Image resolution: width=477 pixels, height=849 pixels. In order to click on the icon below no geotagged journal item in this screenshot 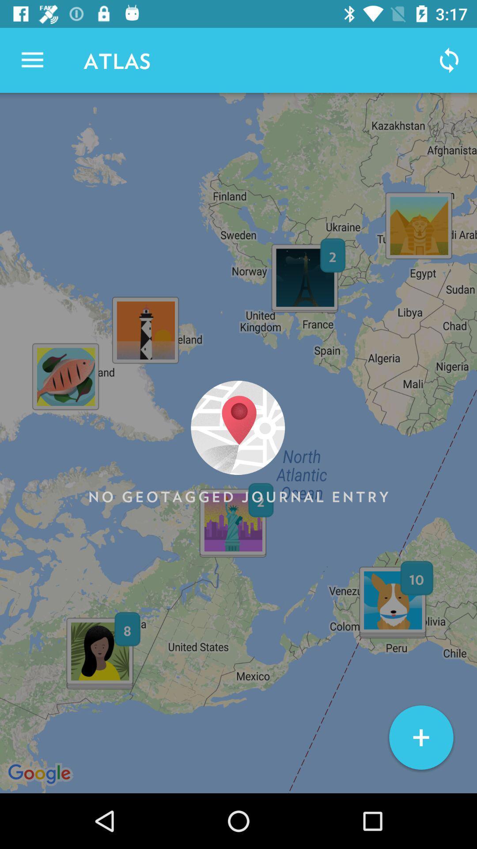, I will do `click(420, 738)`.